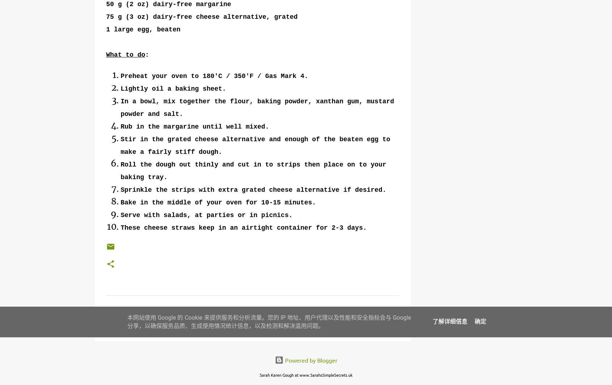  Describe the element at coordinates (214, 75) in the screenshot. I see `'Preheat your oven to 180'C / 350'F / Gas Mark 4.'` at that location.